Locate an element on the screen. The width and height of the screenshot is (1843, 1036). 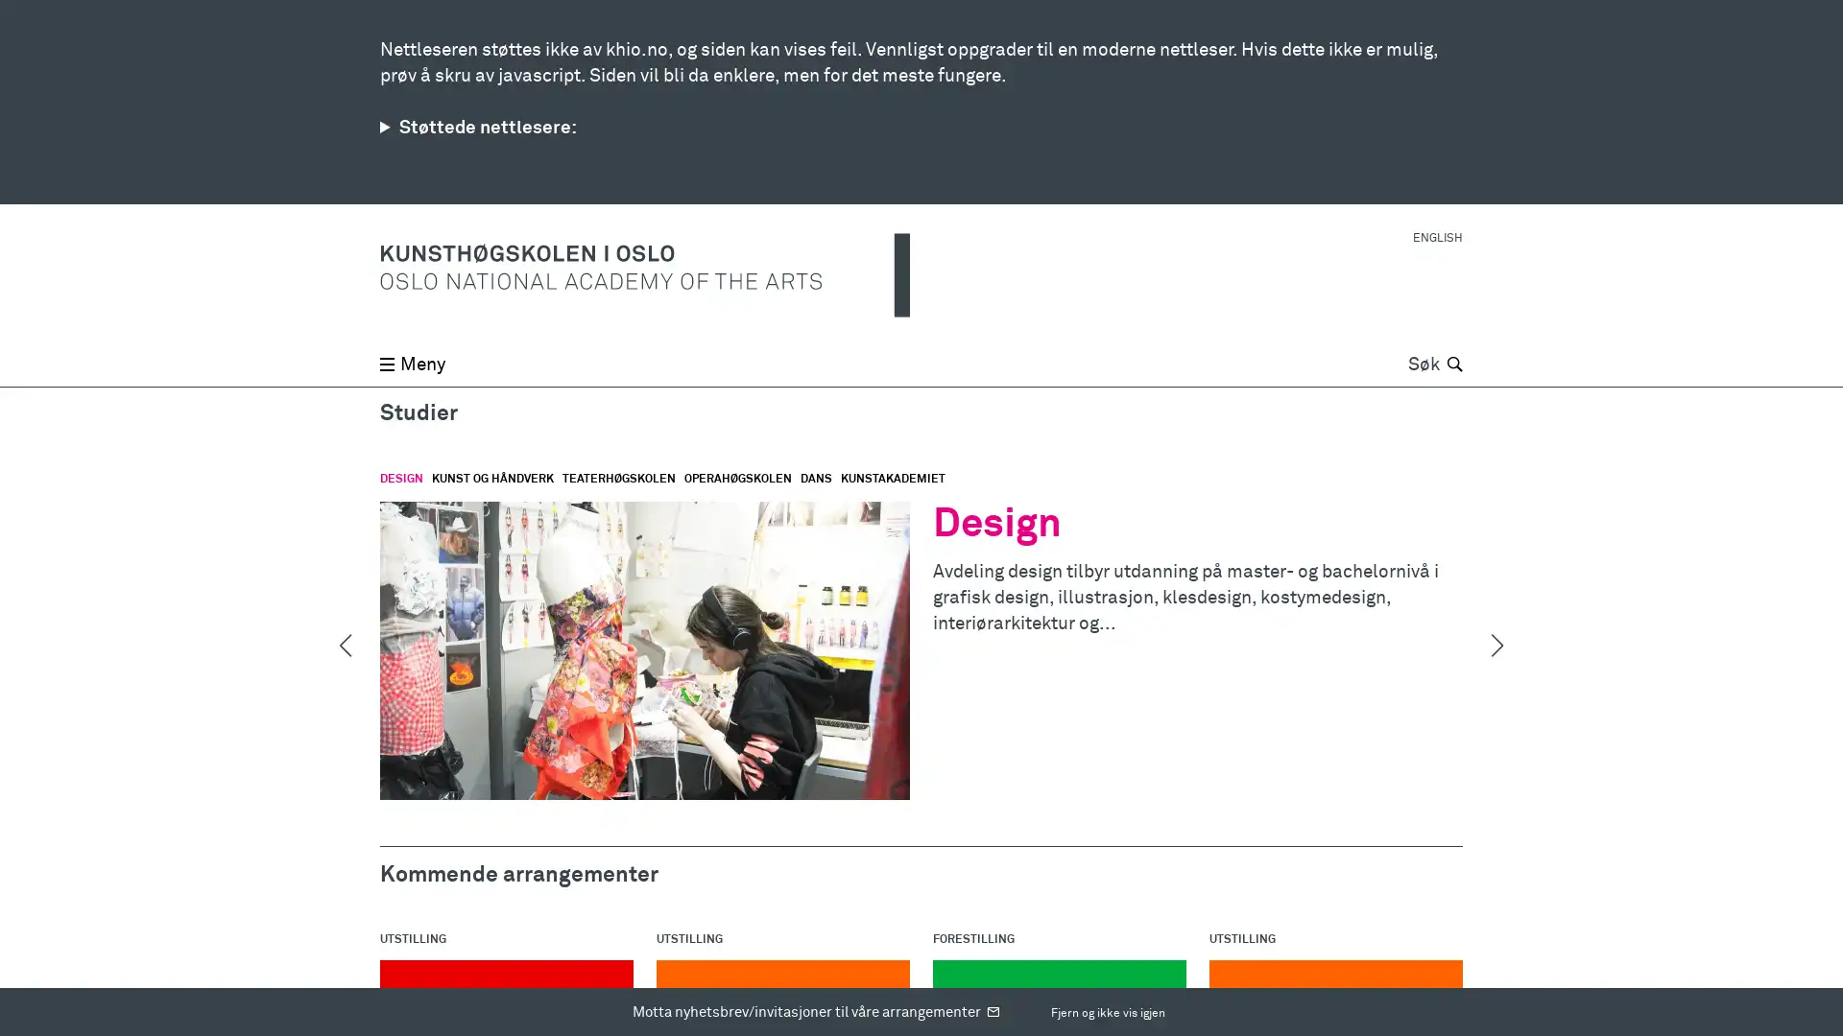
TEATERHGSKOLEN is located at coordinates (618, 480).